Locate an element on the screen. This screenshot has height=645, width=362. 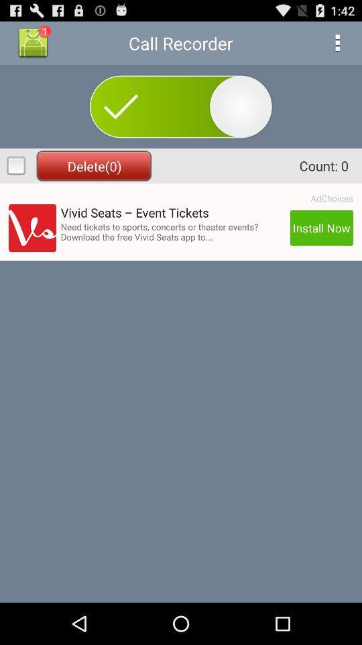
icon to the left of the call recorder app is located at coordinates (33, 43).